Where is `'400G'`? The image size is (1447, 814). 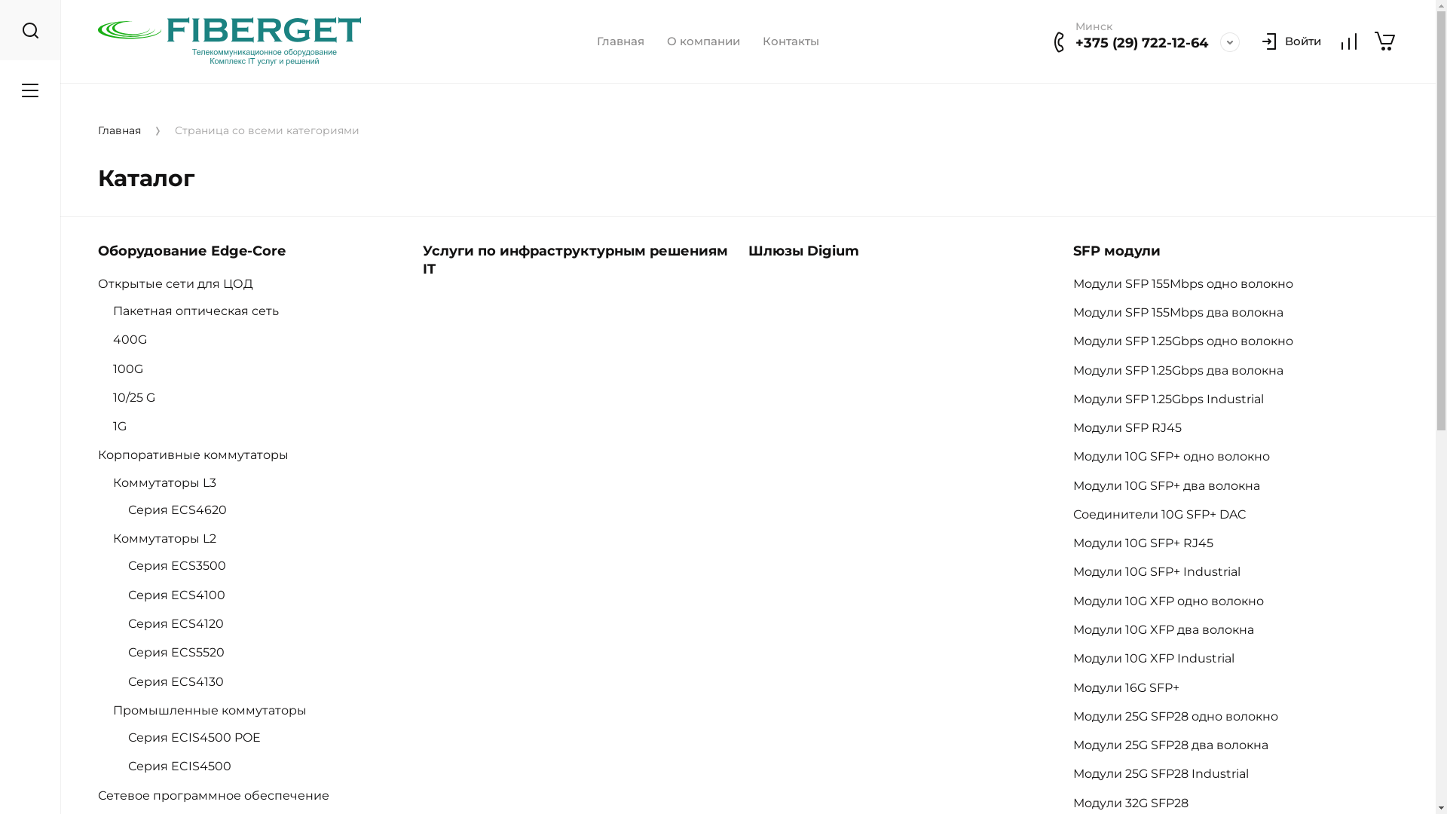 '400G' is located at coordinates (137, 339).